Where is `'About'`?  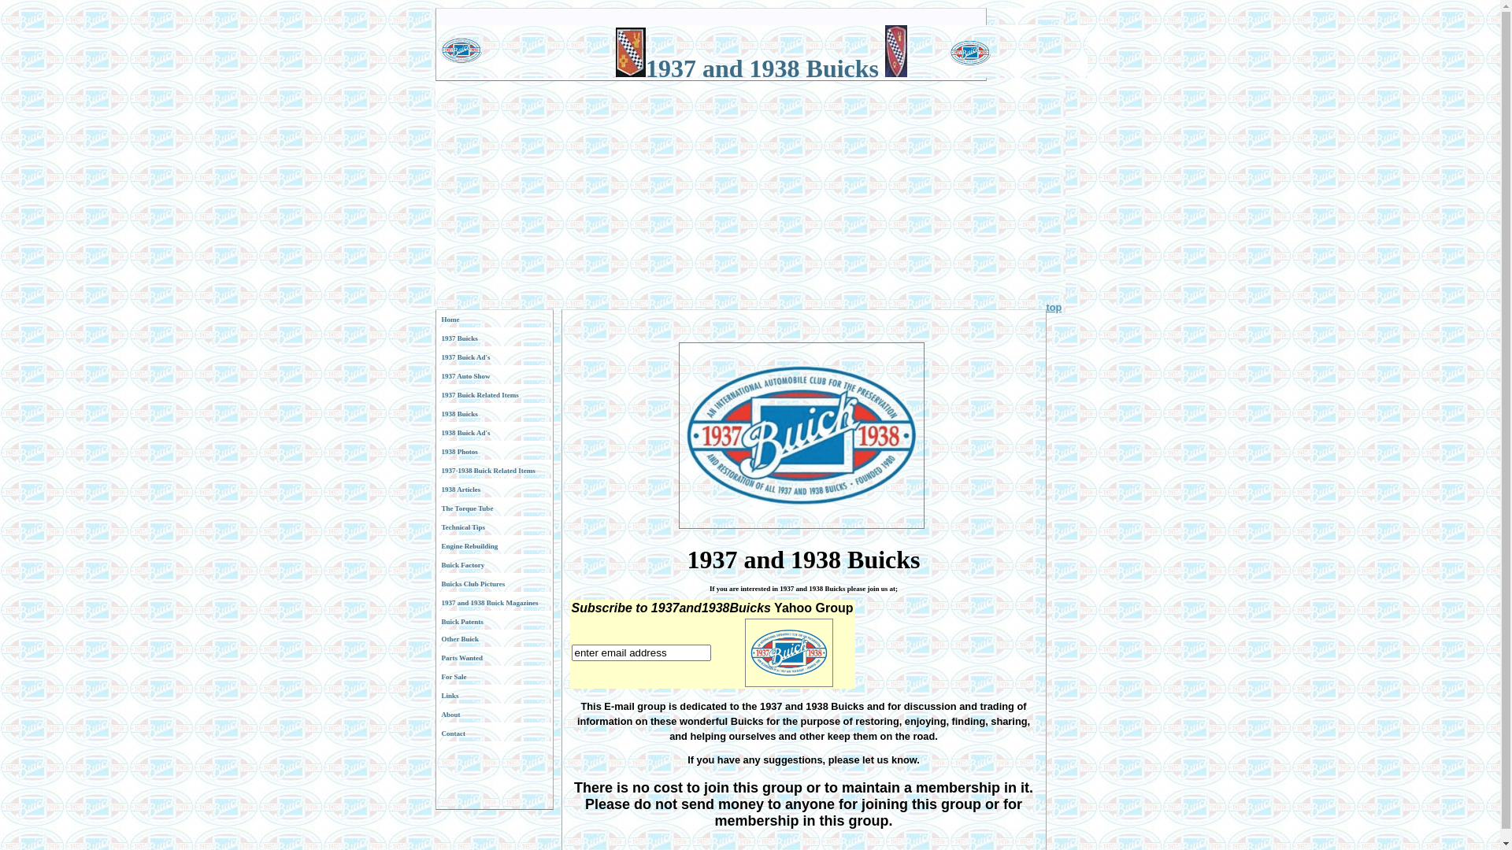
'About' is located at coordinates (435, 714).